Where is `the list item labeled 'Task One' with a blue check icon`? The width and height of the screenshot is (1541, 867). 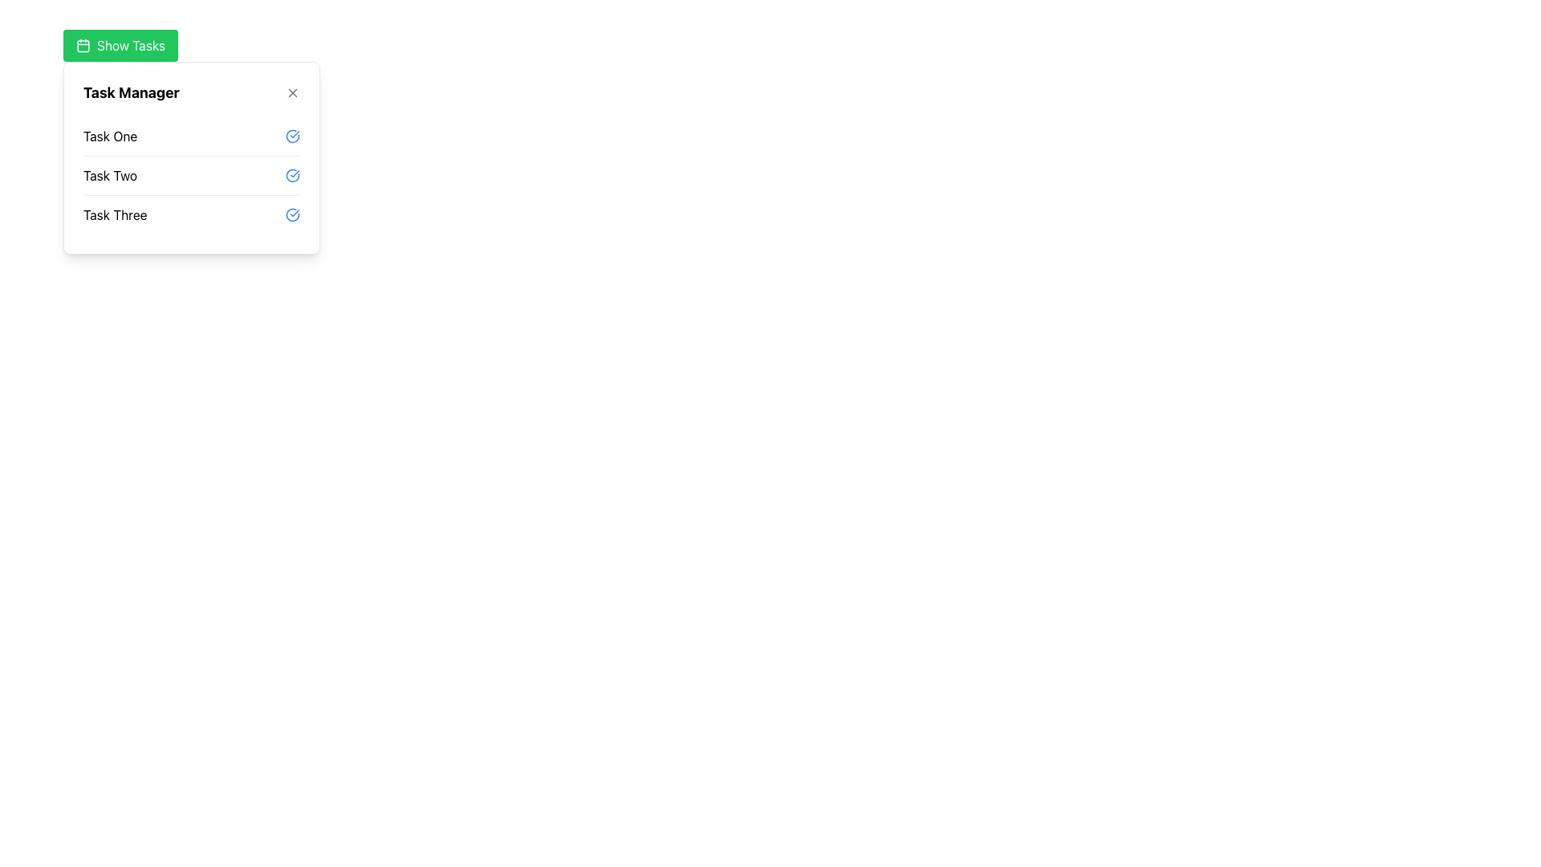
the list item labeled 'Task One' with a blue check icon is located at coordinates (192, 135).